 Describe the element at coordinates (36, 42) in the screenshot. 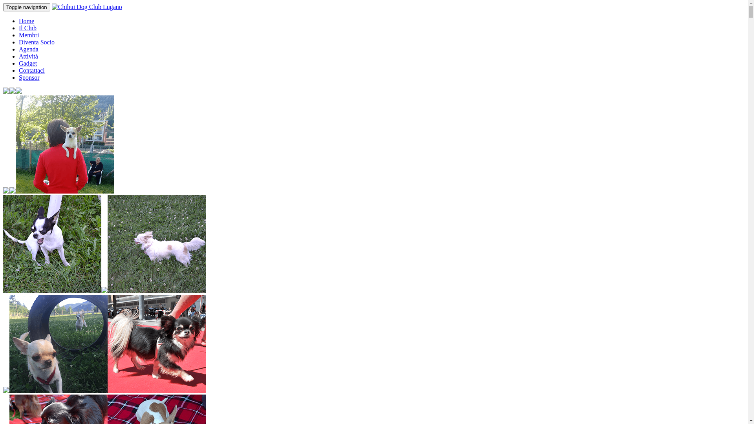

I see `'Diventa Socio'` at that location.